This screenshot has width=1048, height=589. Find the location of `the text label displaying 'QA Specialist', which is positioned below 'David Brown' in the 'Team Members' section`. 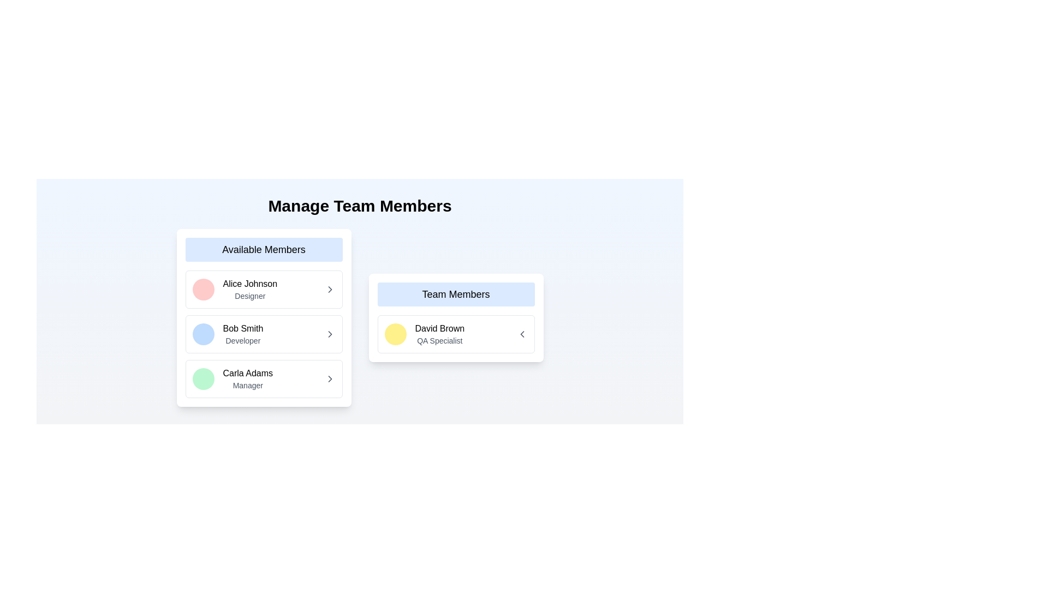

the text label displaying 'QA Specialist', which is positioned below 'David Brown' in the 'Team Members' section is located at coordinates (439, 340).